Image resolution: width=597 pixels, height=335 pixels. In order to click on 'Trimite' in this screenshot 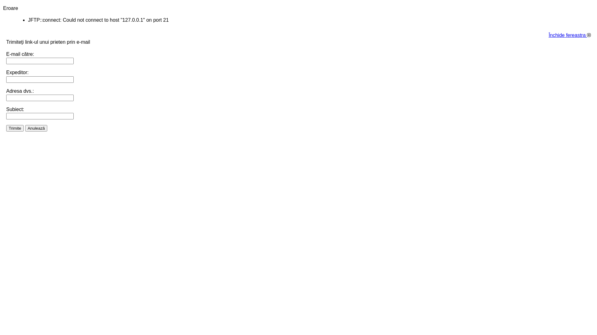, I will do `click(15, 127)`.